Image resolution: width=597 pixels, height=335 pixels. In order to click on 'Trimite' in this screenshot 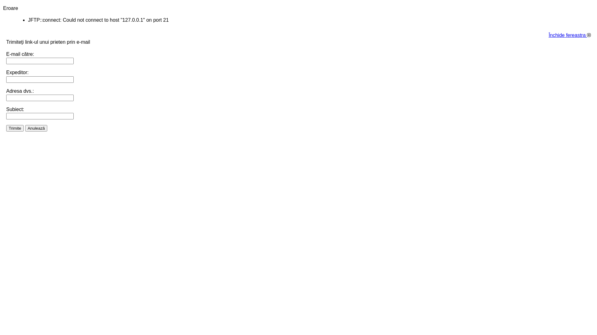, I will do `click(15, 127)`.